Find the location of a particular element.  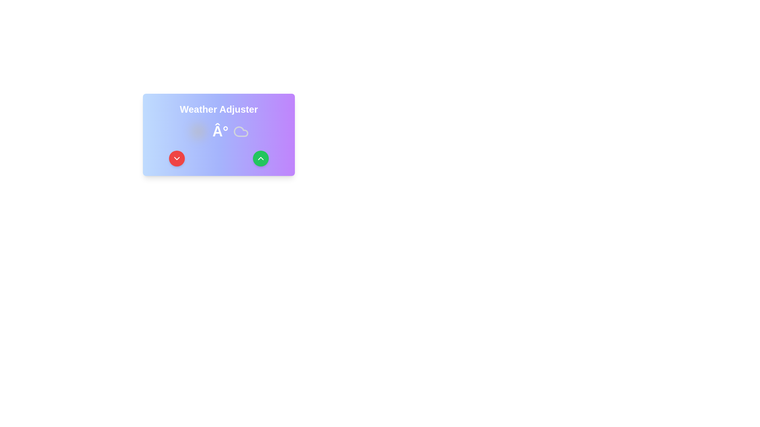

the cloud-shaped SVG graphic that represents weather functionality within the 'Weather Adjuster' card component is located at coordinates (241, 131).